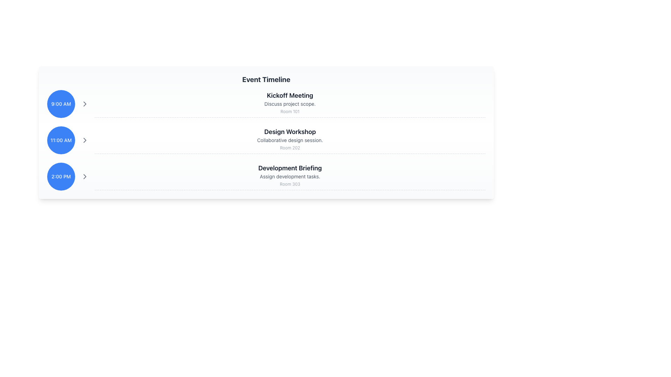 Image resolution: width=671 pixels, height=377 pixels. What do you see at coordinates (61, 104) in the screenshot?
I see `the first circular button in the timeline interface that indicates the time '9:00 AM' to interact with the associated event` at bounding box center [61, 104].